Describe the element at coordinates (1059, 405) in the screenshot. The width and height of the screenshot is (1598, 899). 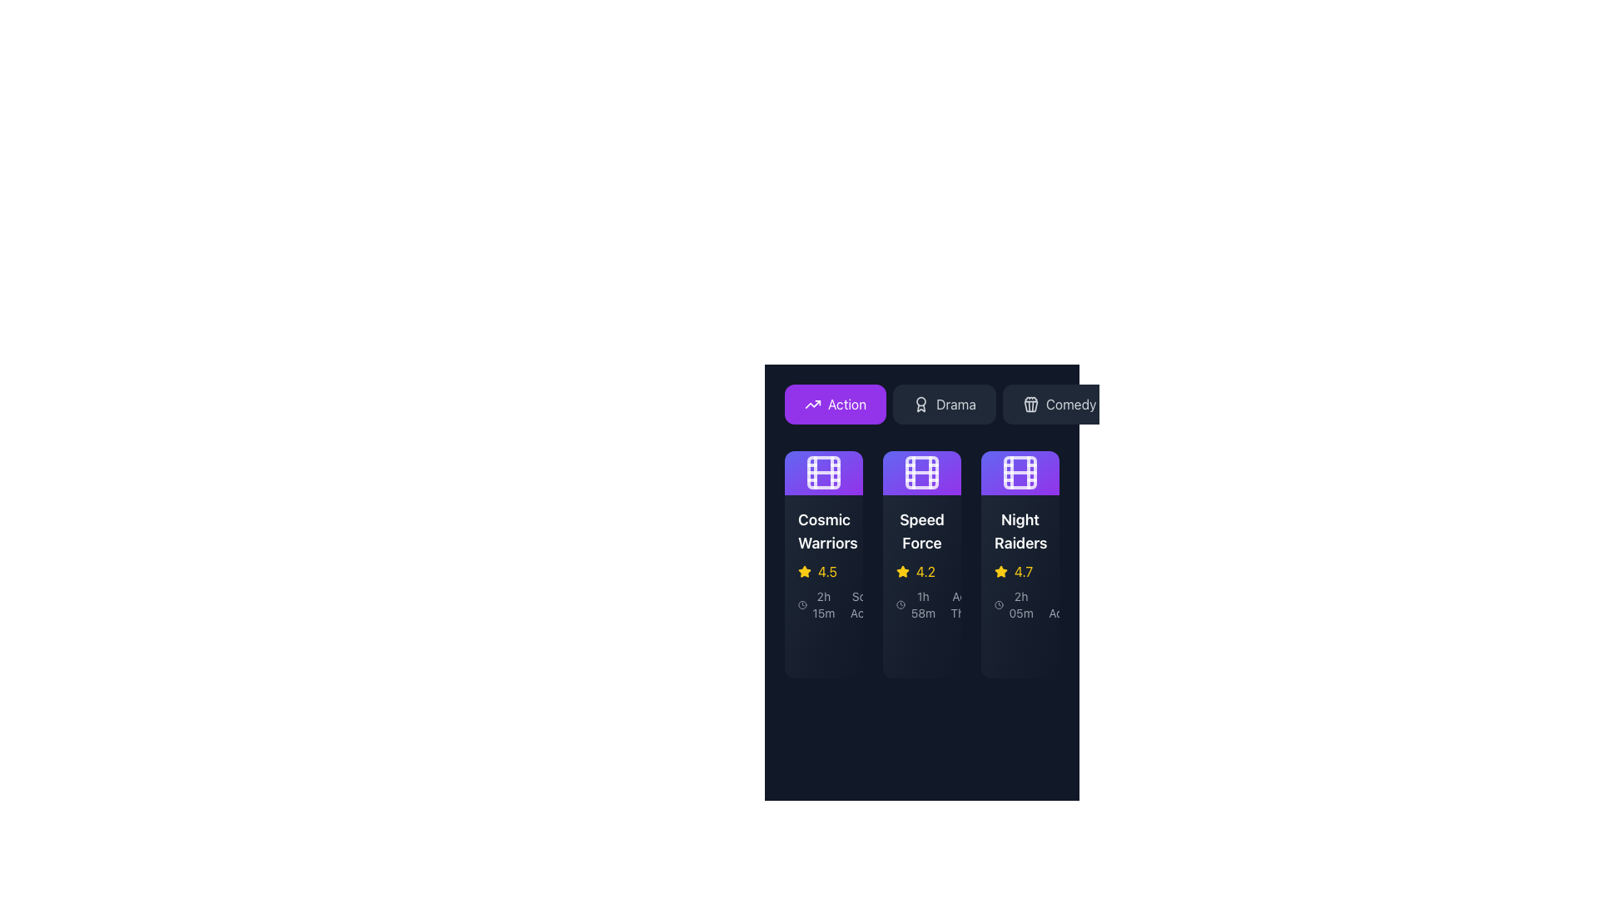
I see `the 'Comedy' button, which is the third button in a horizontal group, to change its background color to a lighter gray` at that location.